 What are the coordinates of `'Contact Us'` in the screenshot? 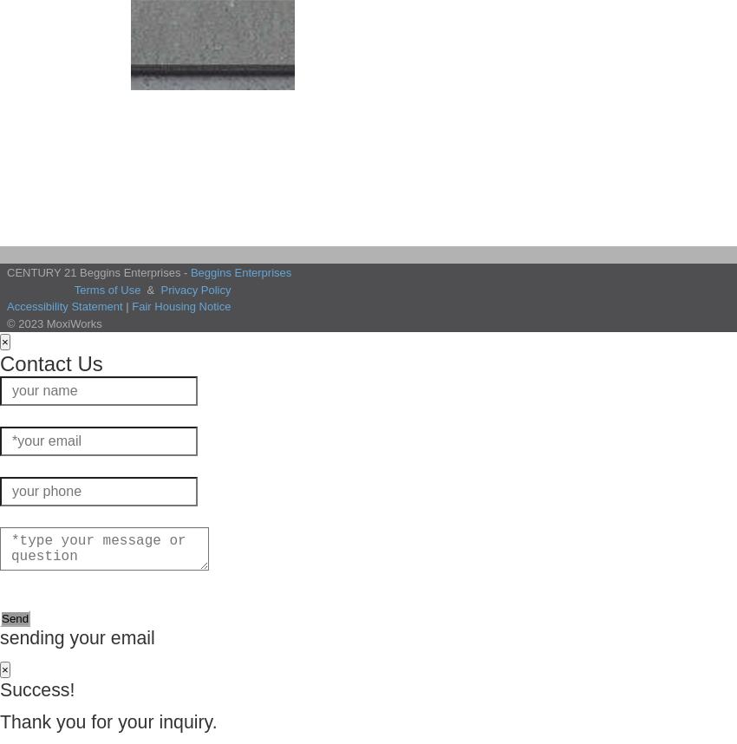 It's located at (0, 362).